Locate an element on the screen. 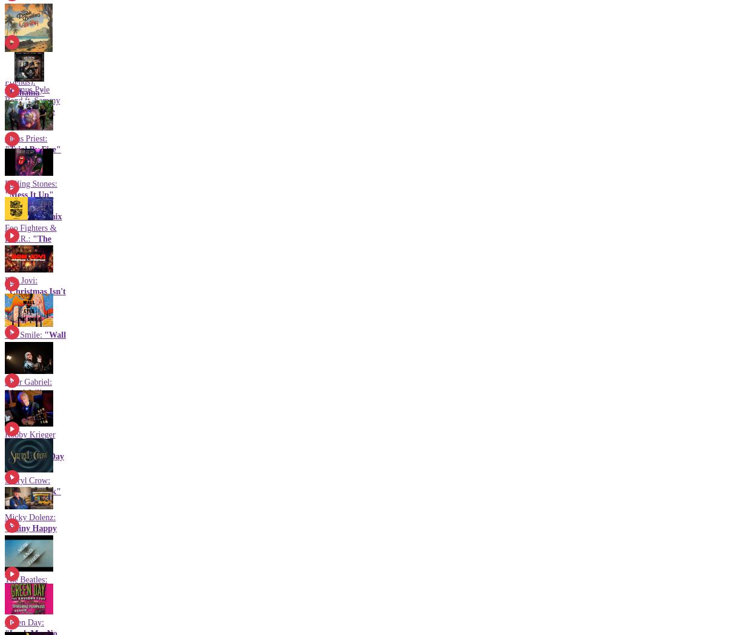 Image resolution: width=742 pixels, height=635 pixels. 'Bon Jovi:' is located at coordinates (21, 279).